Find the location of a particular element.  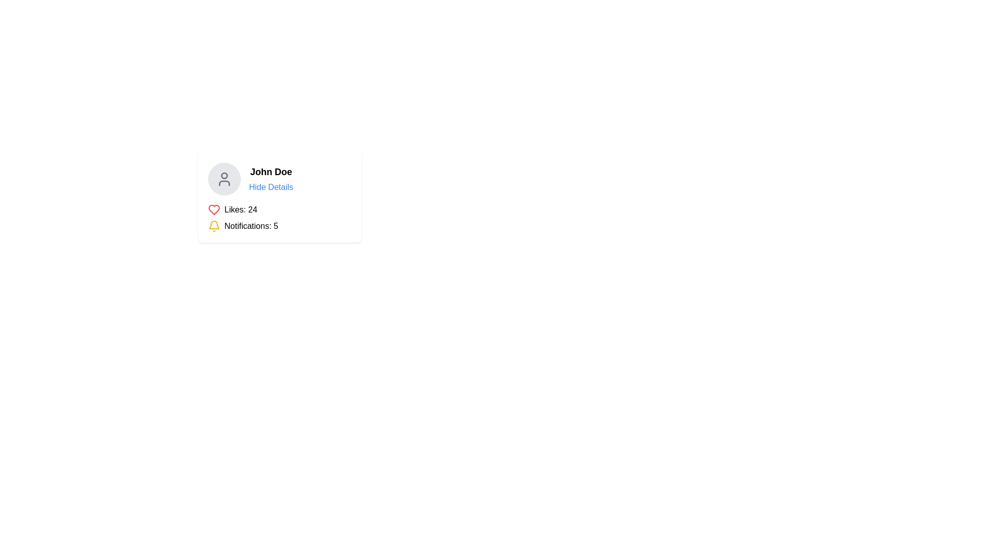

the notification count text element that is positioned beneath the profile details and follows the yellow bell icon is located at coordinates (251, 226).